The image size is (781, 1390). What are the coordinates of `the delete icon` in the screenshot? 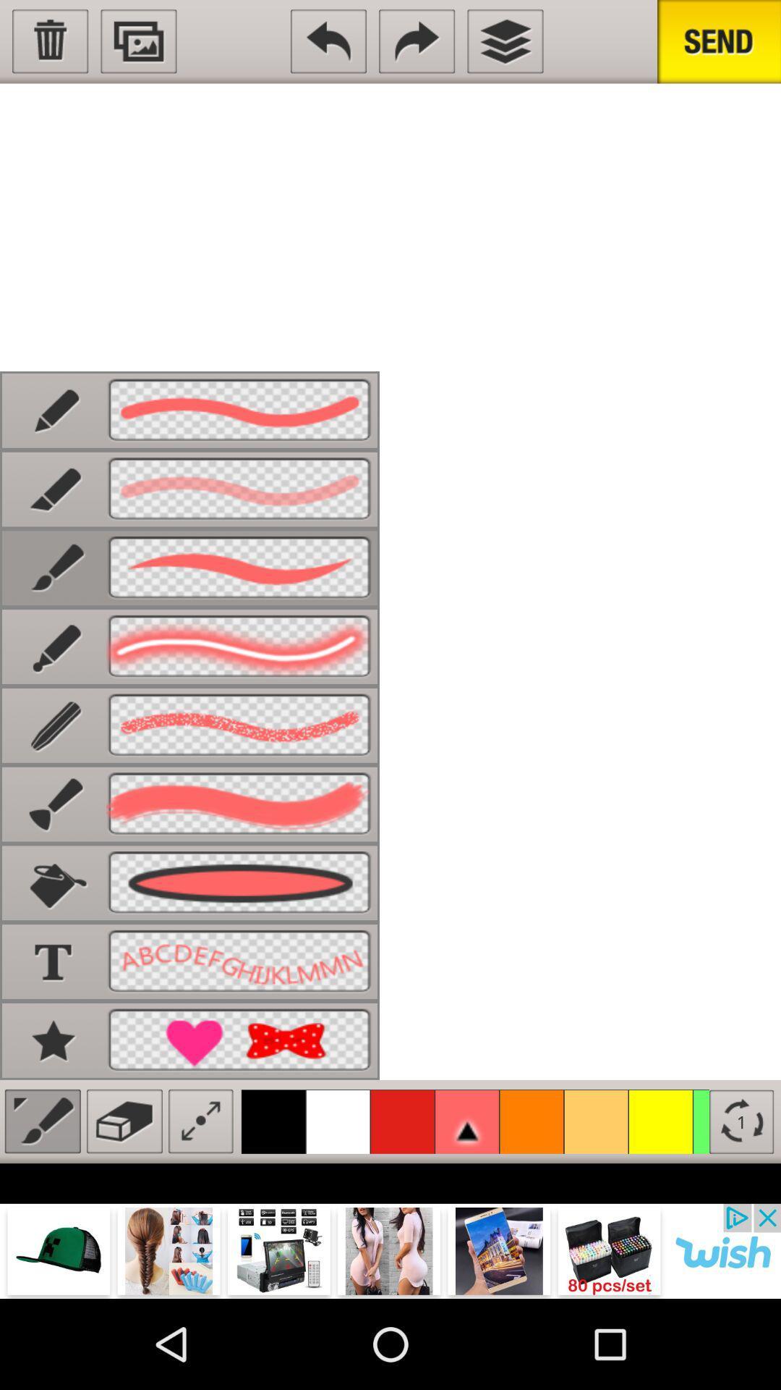 It's located at (49, 41).